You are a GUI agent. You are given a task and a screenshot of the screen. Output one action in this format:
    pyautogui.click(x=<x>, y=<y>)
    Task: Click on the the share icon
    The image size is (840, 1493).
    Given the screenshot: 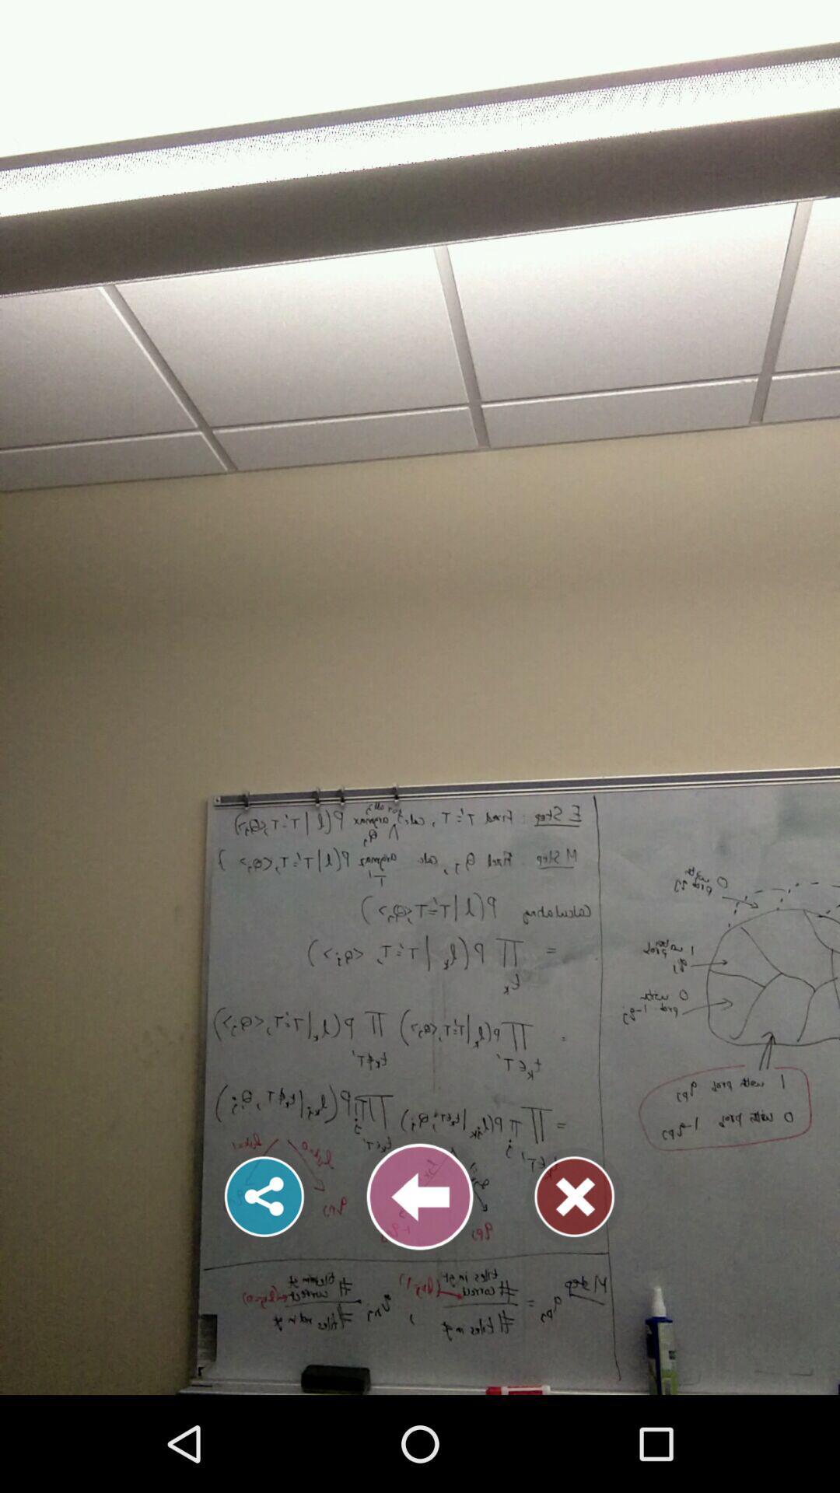 What is the action you would take?
    pyautogui.click(x=264, y=1196)
    